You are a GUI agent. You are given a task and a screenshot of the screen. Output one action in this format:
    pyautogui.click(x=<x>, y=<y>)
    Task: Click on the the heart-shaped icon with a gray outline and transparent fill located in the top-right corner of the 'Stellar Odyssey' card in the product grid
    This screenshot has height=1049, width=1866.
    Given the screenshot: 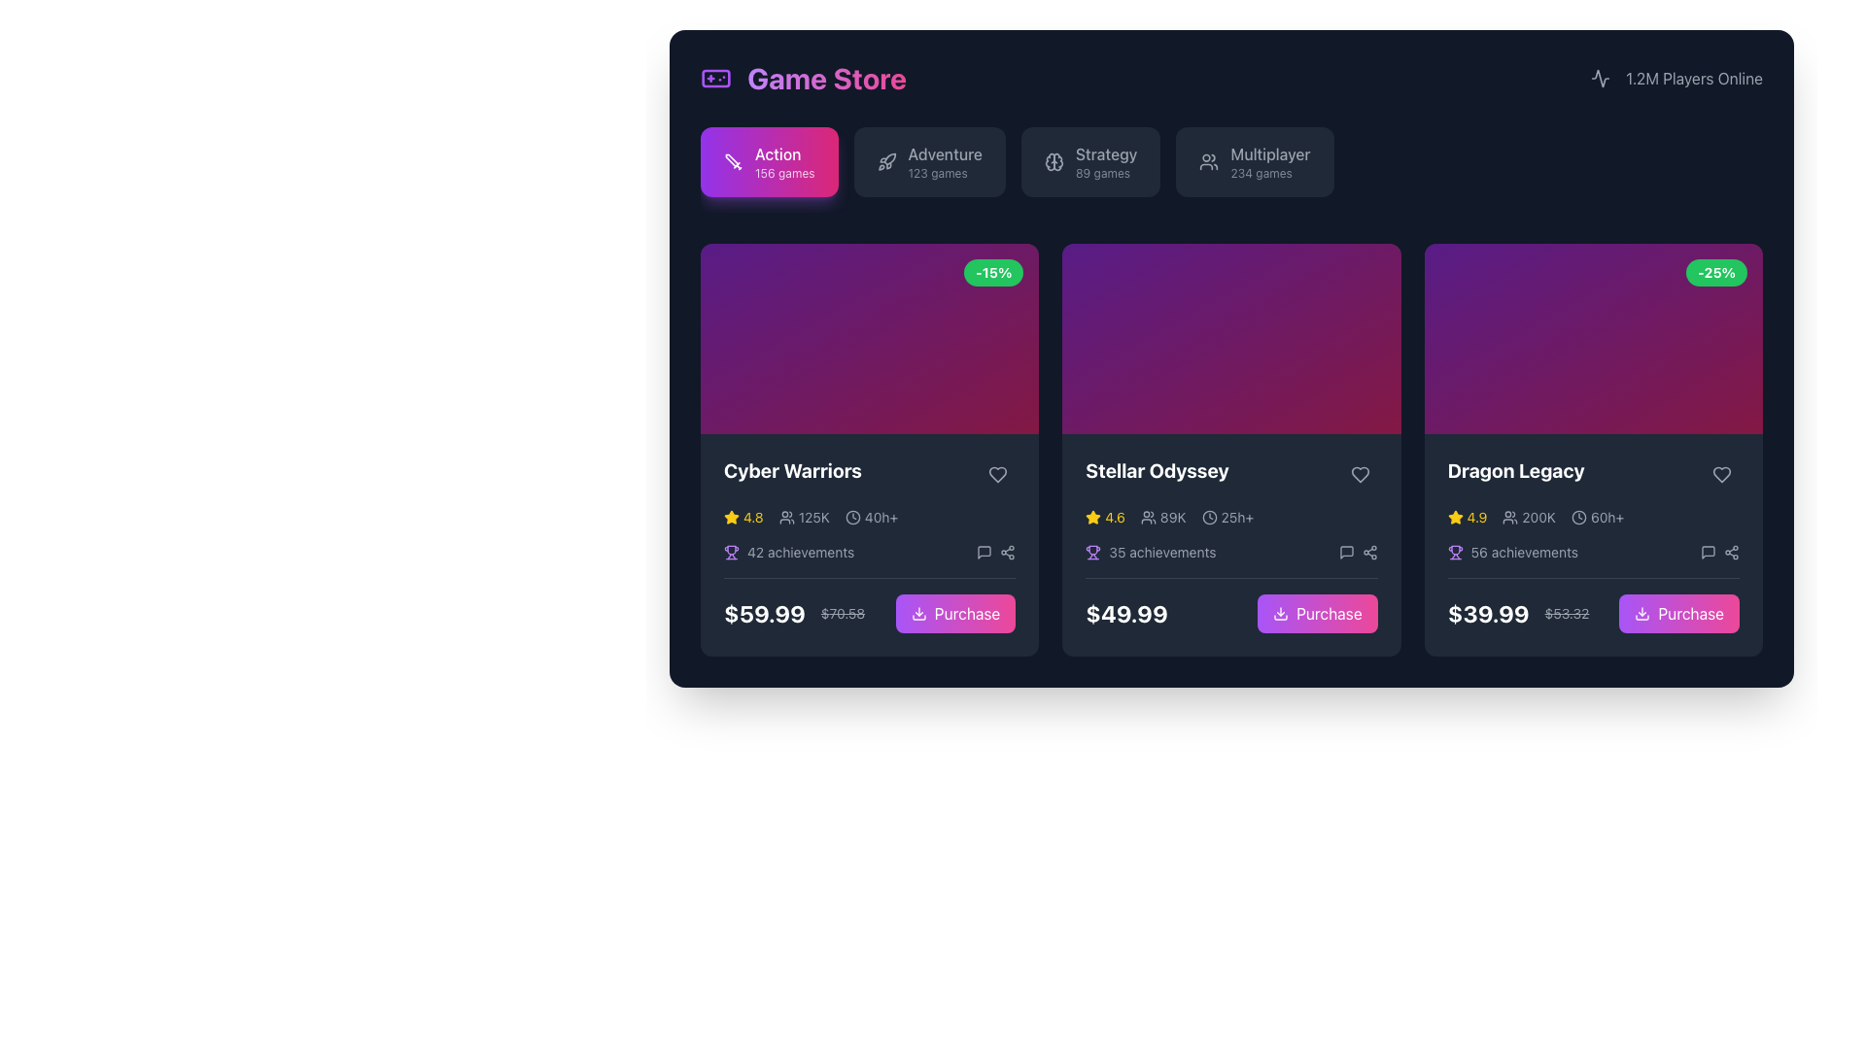 What is the action you would take?
    pyautogui.click(x=1359, y=474)
    